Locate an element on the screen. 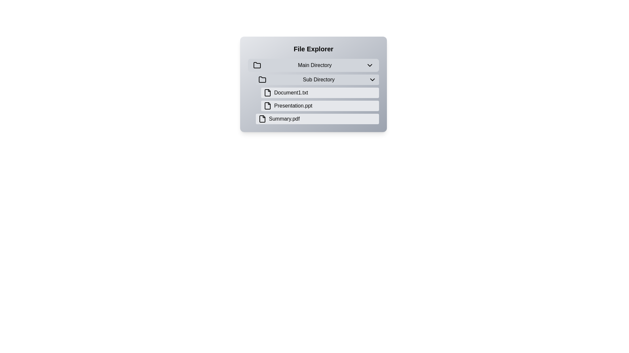 This screenshot has height=353, width=629. the folder icon located in the top-left corner of the file explorer interface, right before the 'Main Directory' dropdown is located at coordinates (257, 65).